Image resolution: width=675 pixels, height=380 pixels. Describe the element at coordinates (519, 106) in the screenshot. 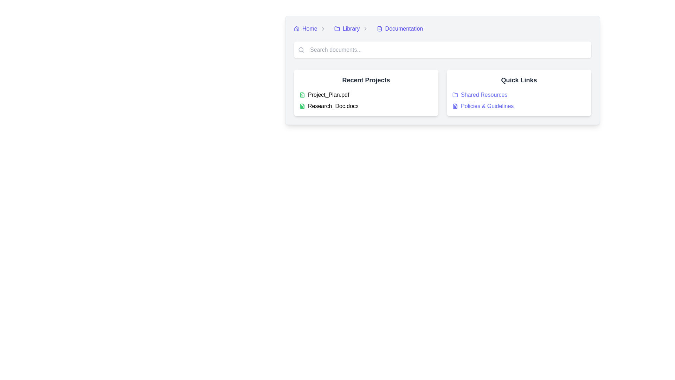

I see `the icon of the 'Policies & Guidelines' hyperlink with icon located in the 'Quick Links' section, positioned below the 'Shared Resources' hyperlink` at that location.